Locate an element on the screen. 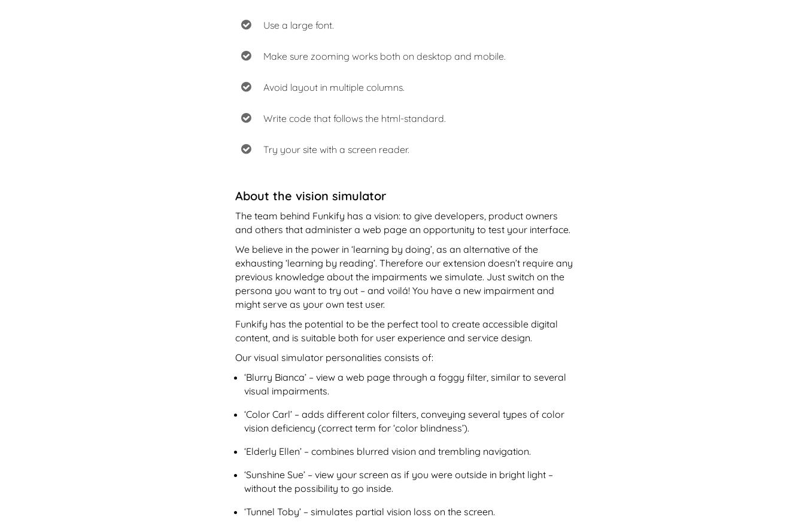  '‘Tunnel Toby’ – simulates partial vision loss on the screen.' is located at coordinates (369, 511).